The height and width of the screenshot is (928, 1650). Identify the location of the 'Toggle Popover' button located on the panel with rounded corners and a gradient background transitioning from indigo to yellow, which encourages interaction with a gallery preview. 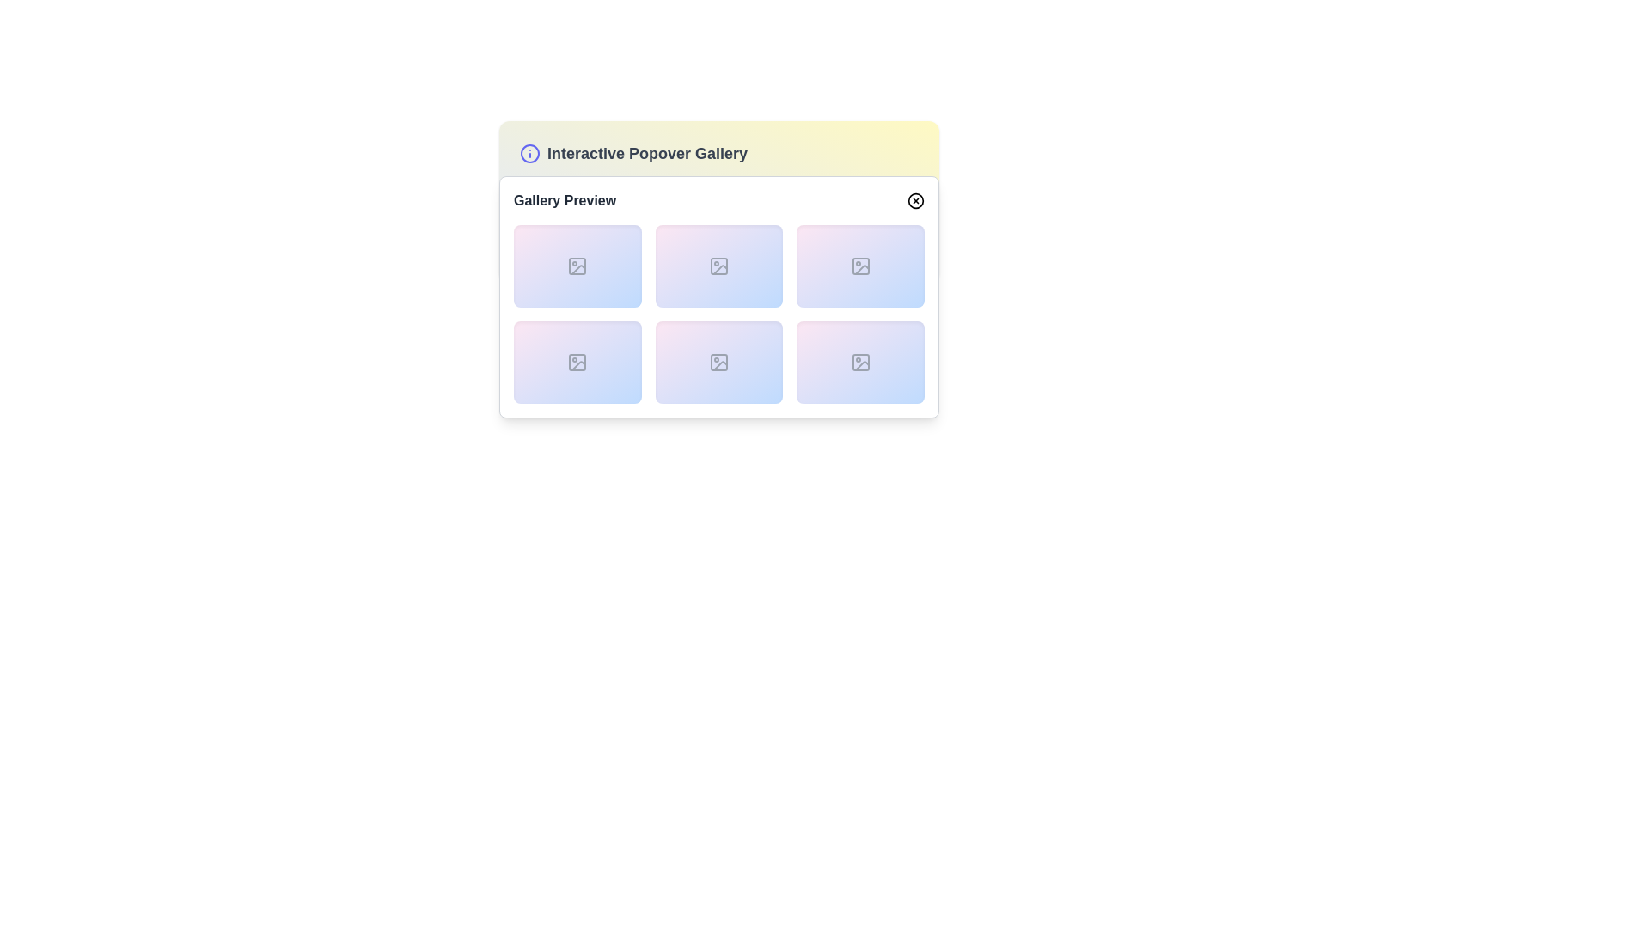
(718, 201).